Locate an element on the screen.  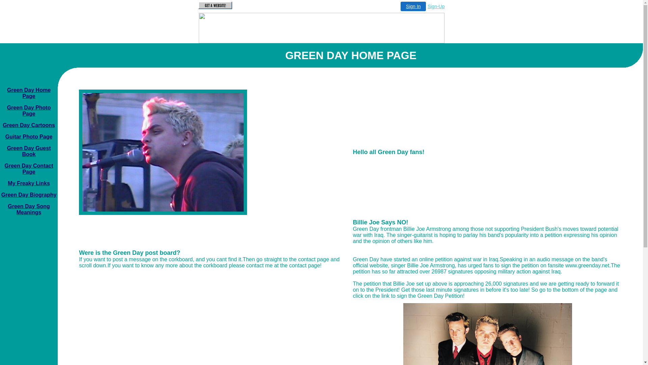
'Green Day Biography' is located at coordinates (1, 195).